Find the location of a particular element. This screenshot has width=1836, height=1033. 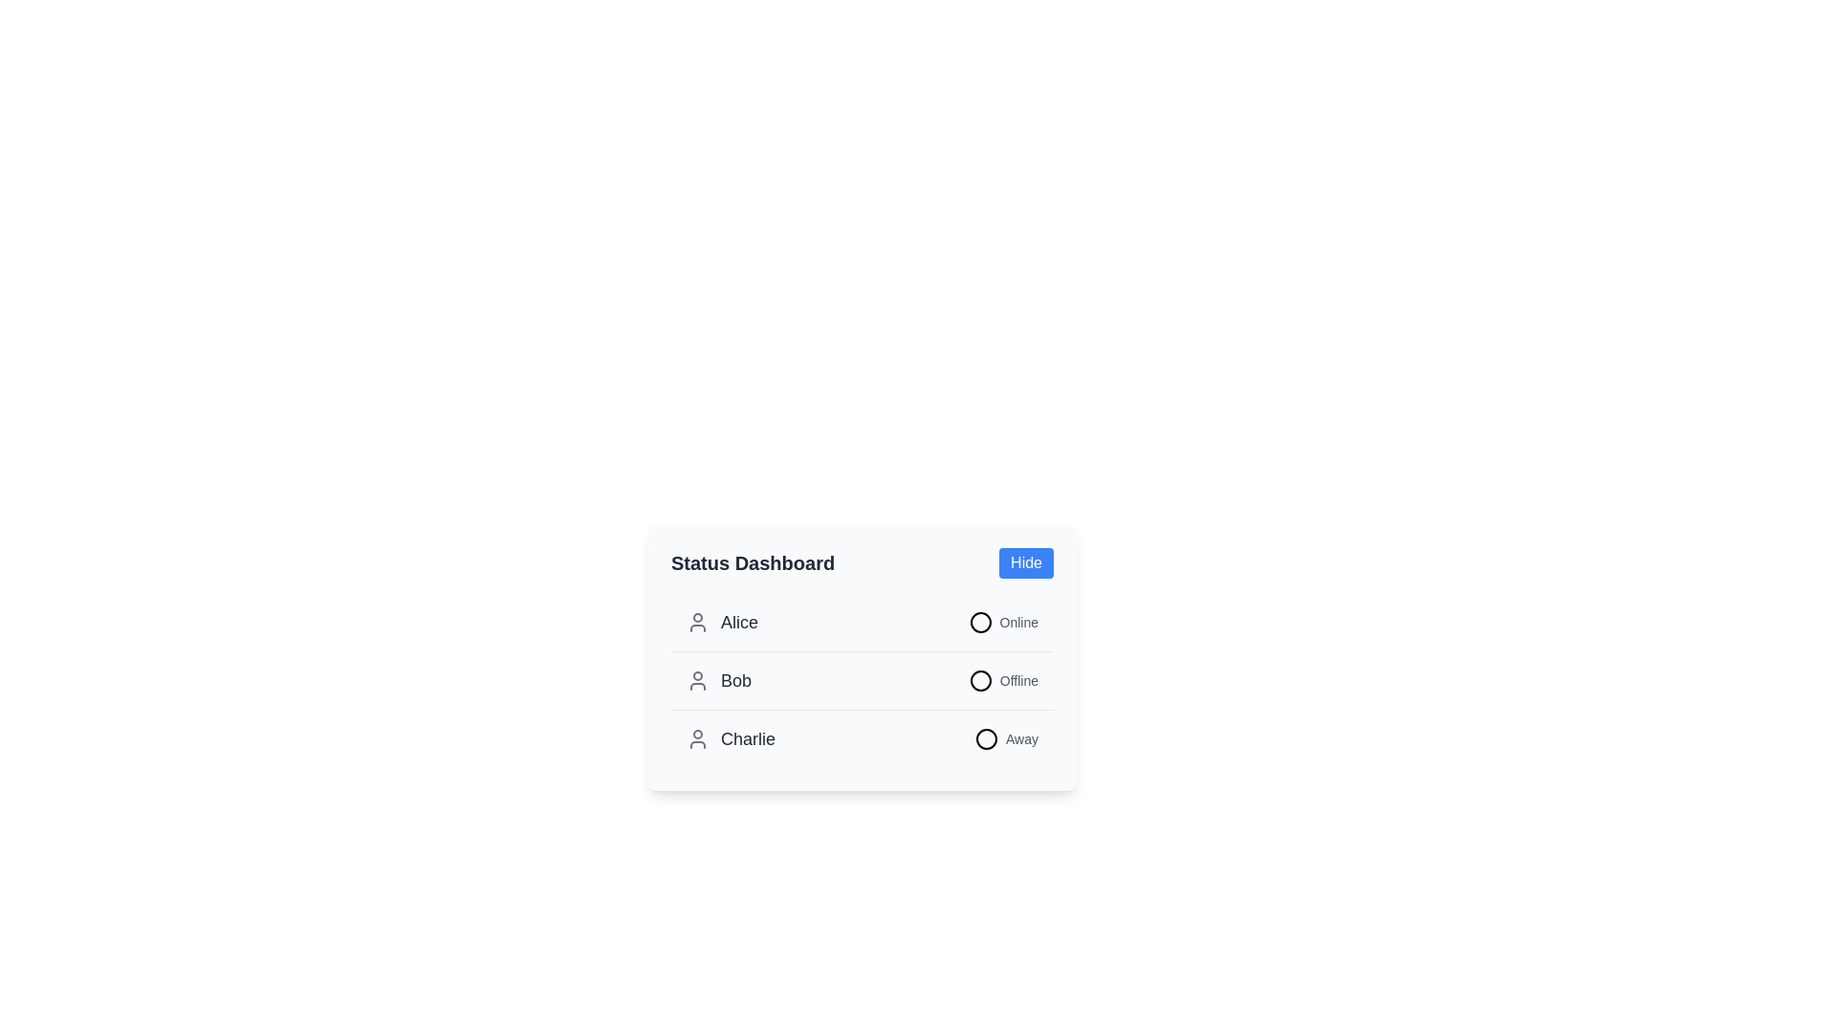

the second user entry in the status dashboard is located at coordinates (862, 679).